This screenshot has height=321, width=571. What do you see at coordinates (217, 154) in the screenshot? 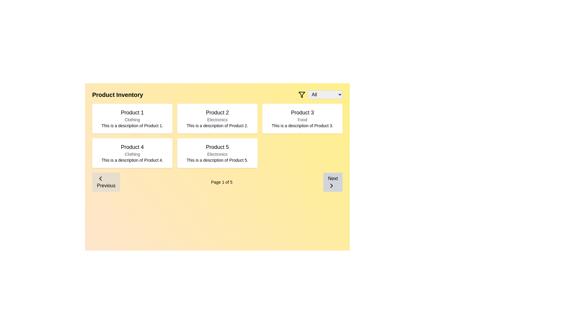
I see `the 'Electronics' text label displayed in small gray letters, which is centered in the middle portion of the card labeled 'Product 5'` at bounding box center [217, 154].